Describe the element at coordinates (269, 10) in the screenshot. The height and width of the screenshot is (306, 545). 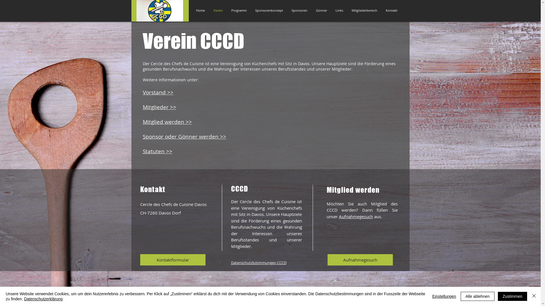
I see `'Sponsorenkonzept'` at that location.